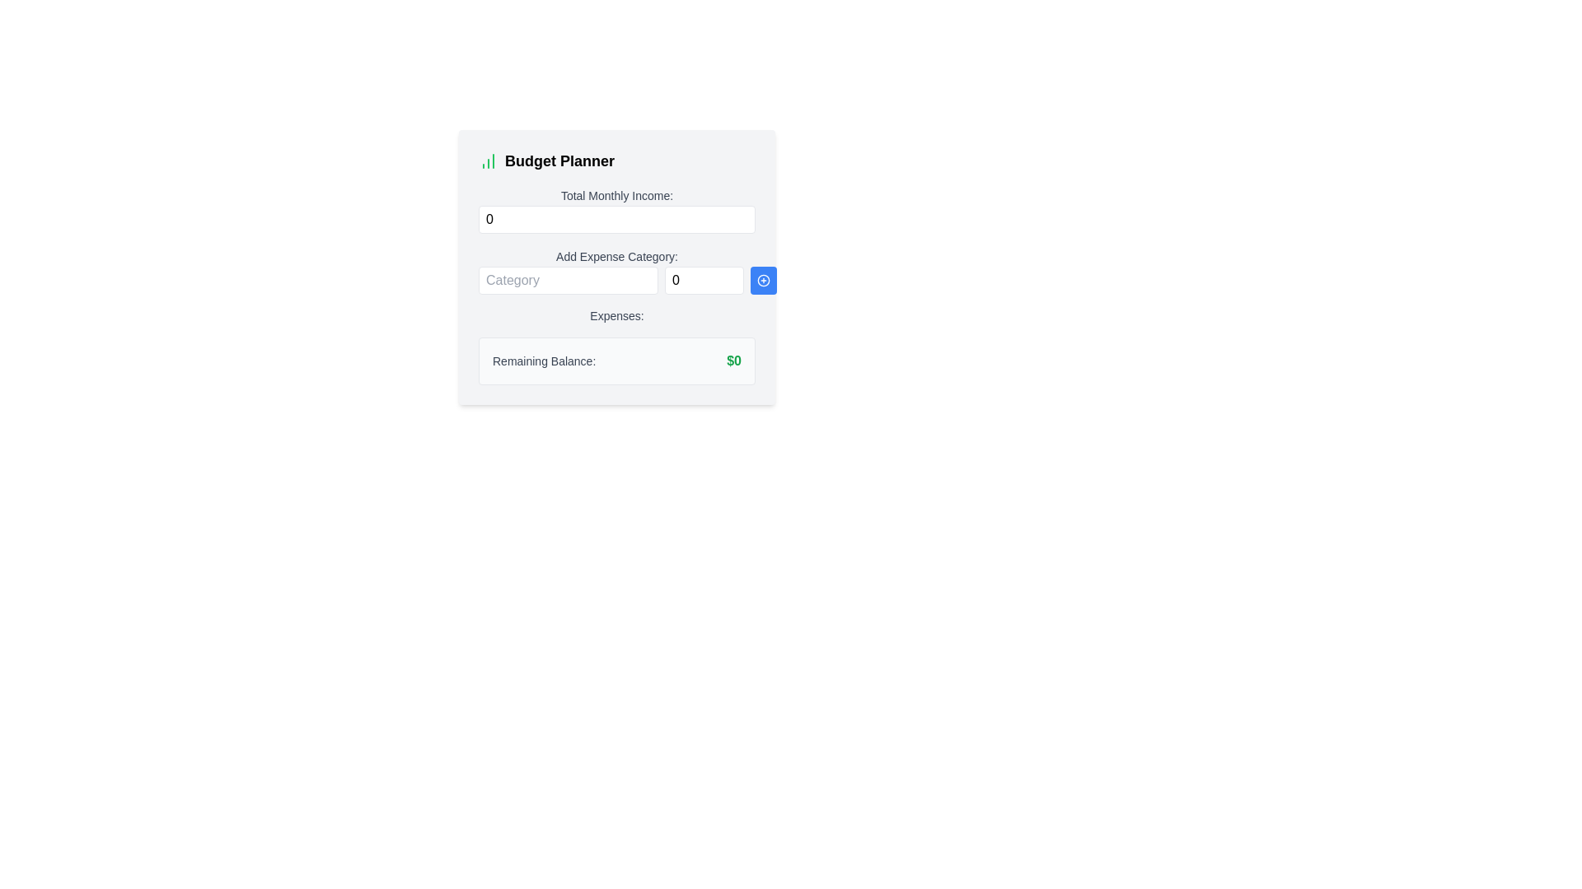  Describe the element at coordinates (762, 279) in the screenshot. I see `the circular part of the 'plus' icon located on the right-hand side of the interface, next to the numeric input field under the 'Add Expense Category' label` at that location.